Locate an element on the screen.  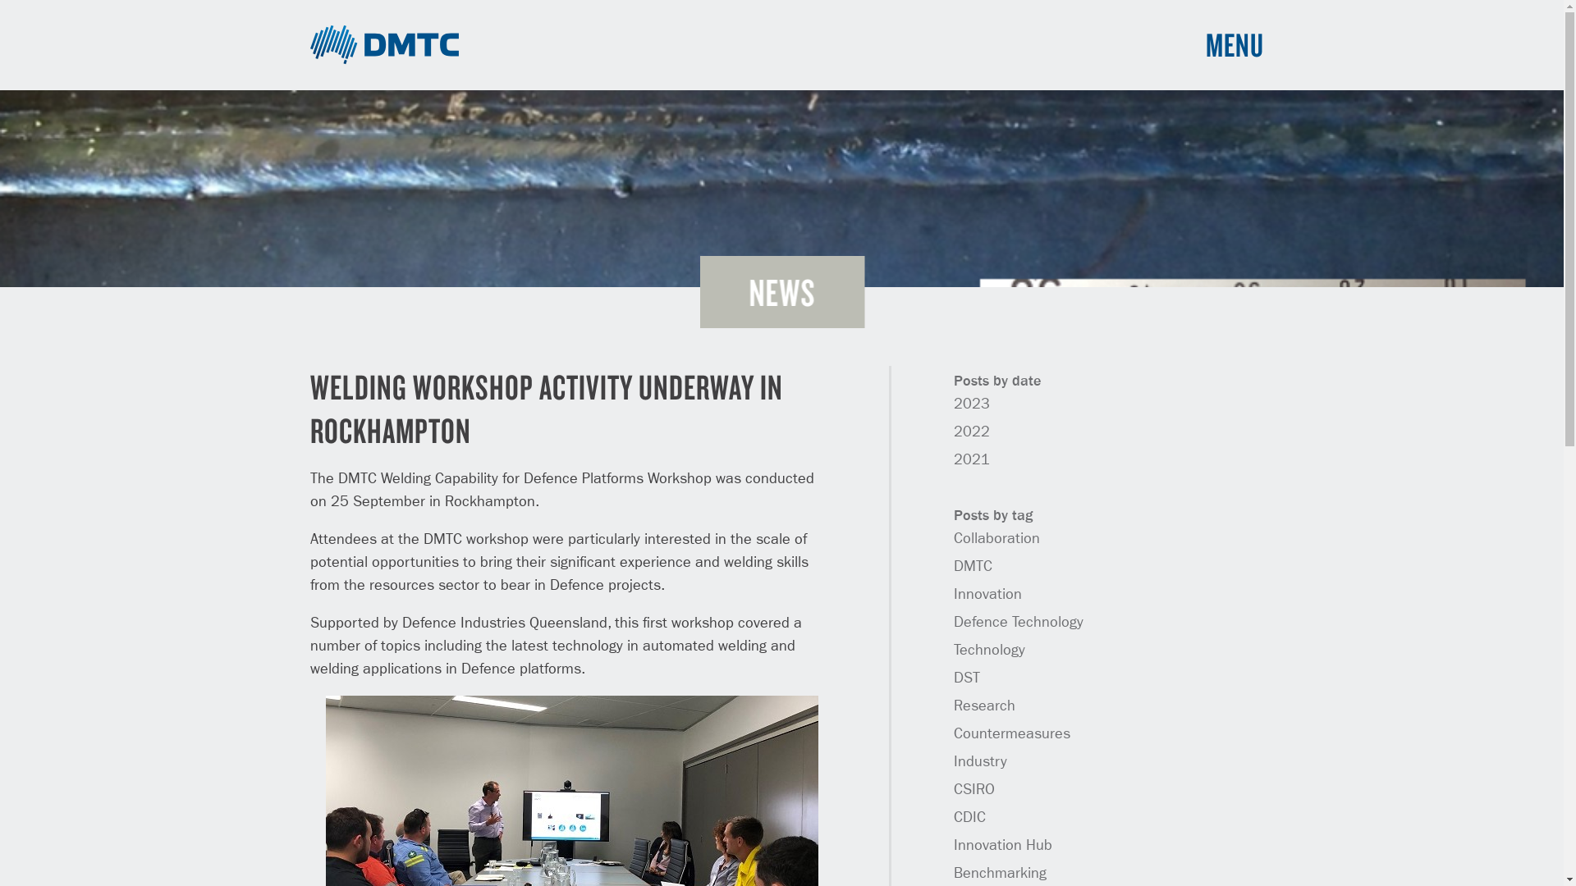
'2023' is located at coordinates (953, 404).